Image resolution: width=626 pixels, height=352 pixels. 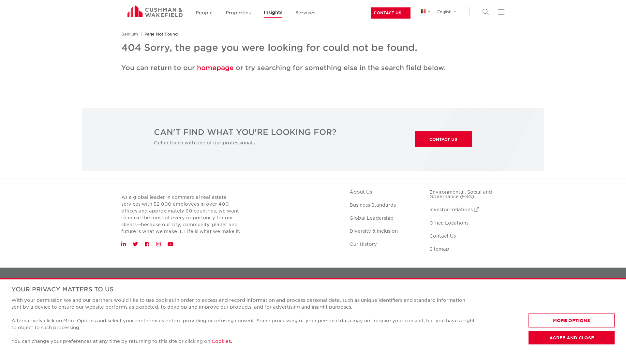 I want to click on 'People', so click(x=195, y=13).